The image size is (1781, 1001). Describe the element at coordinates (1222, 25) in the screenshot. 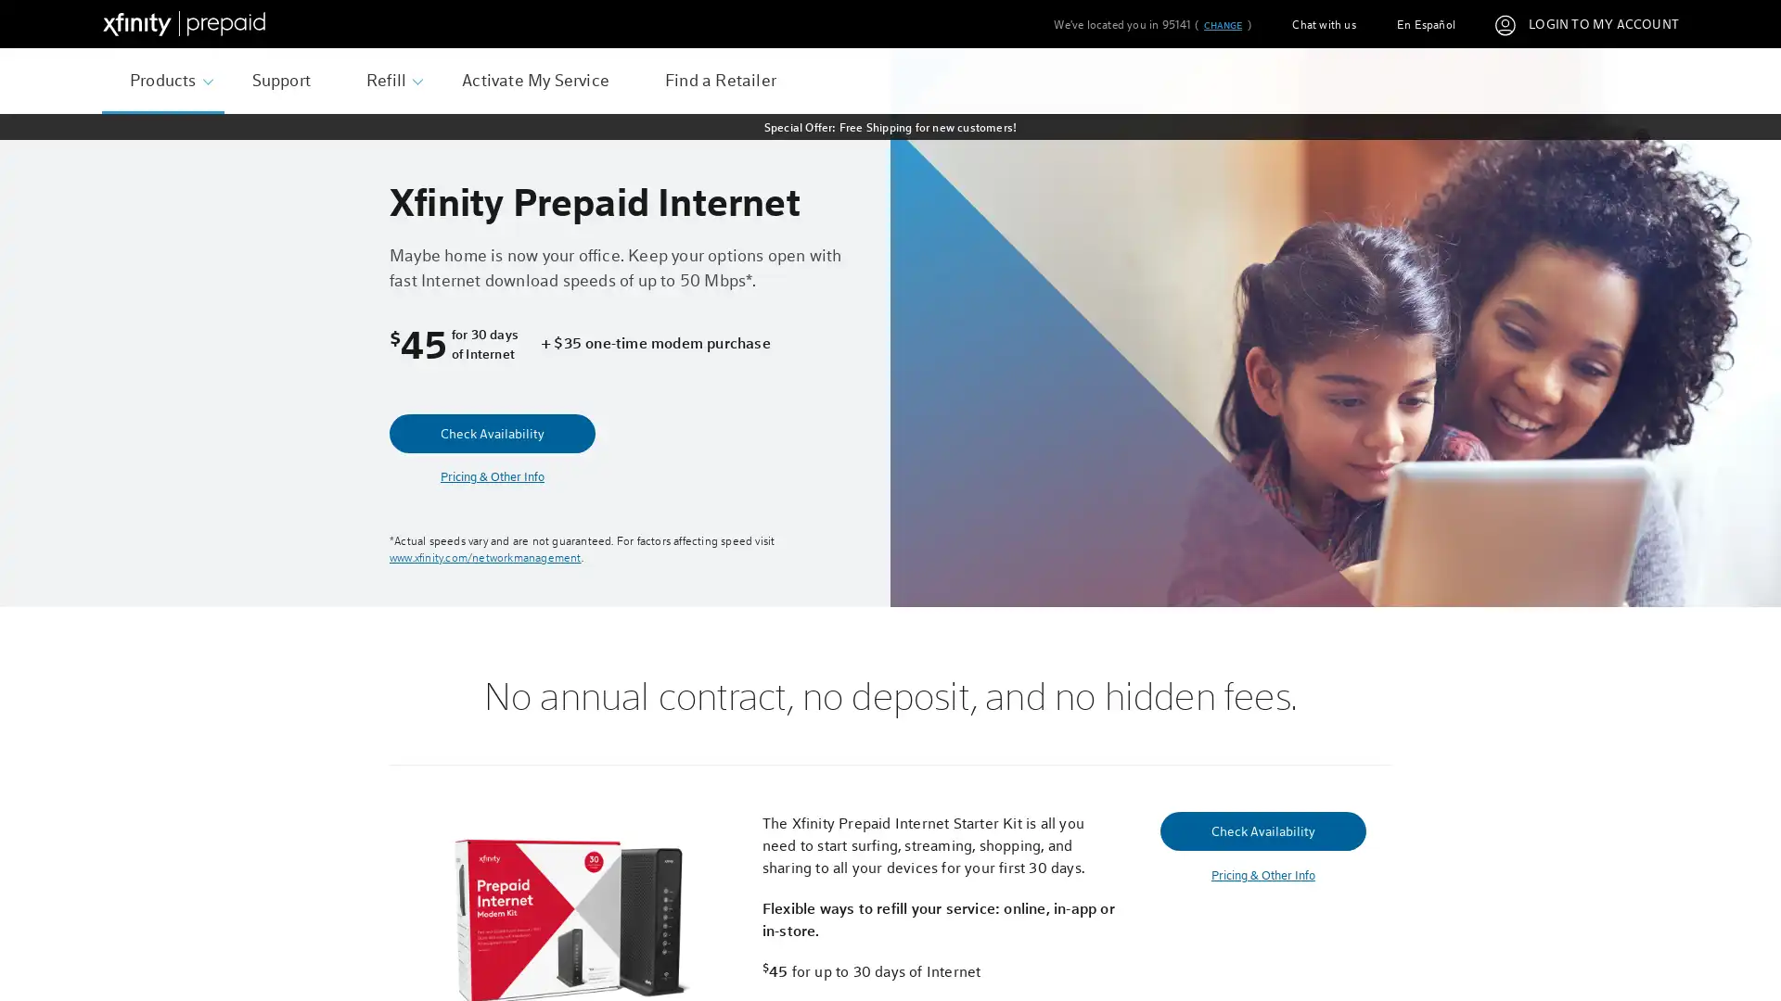

I see `CHANGE` at that location.